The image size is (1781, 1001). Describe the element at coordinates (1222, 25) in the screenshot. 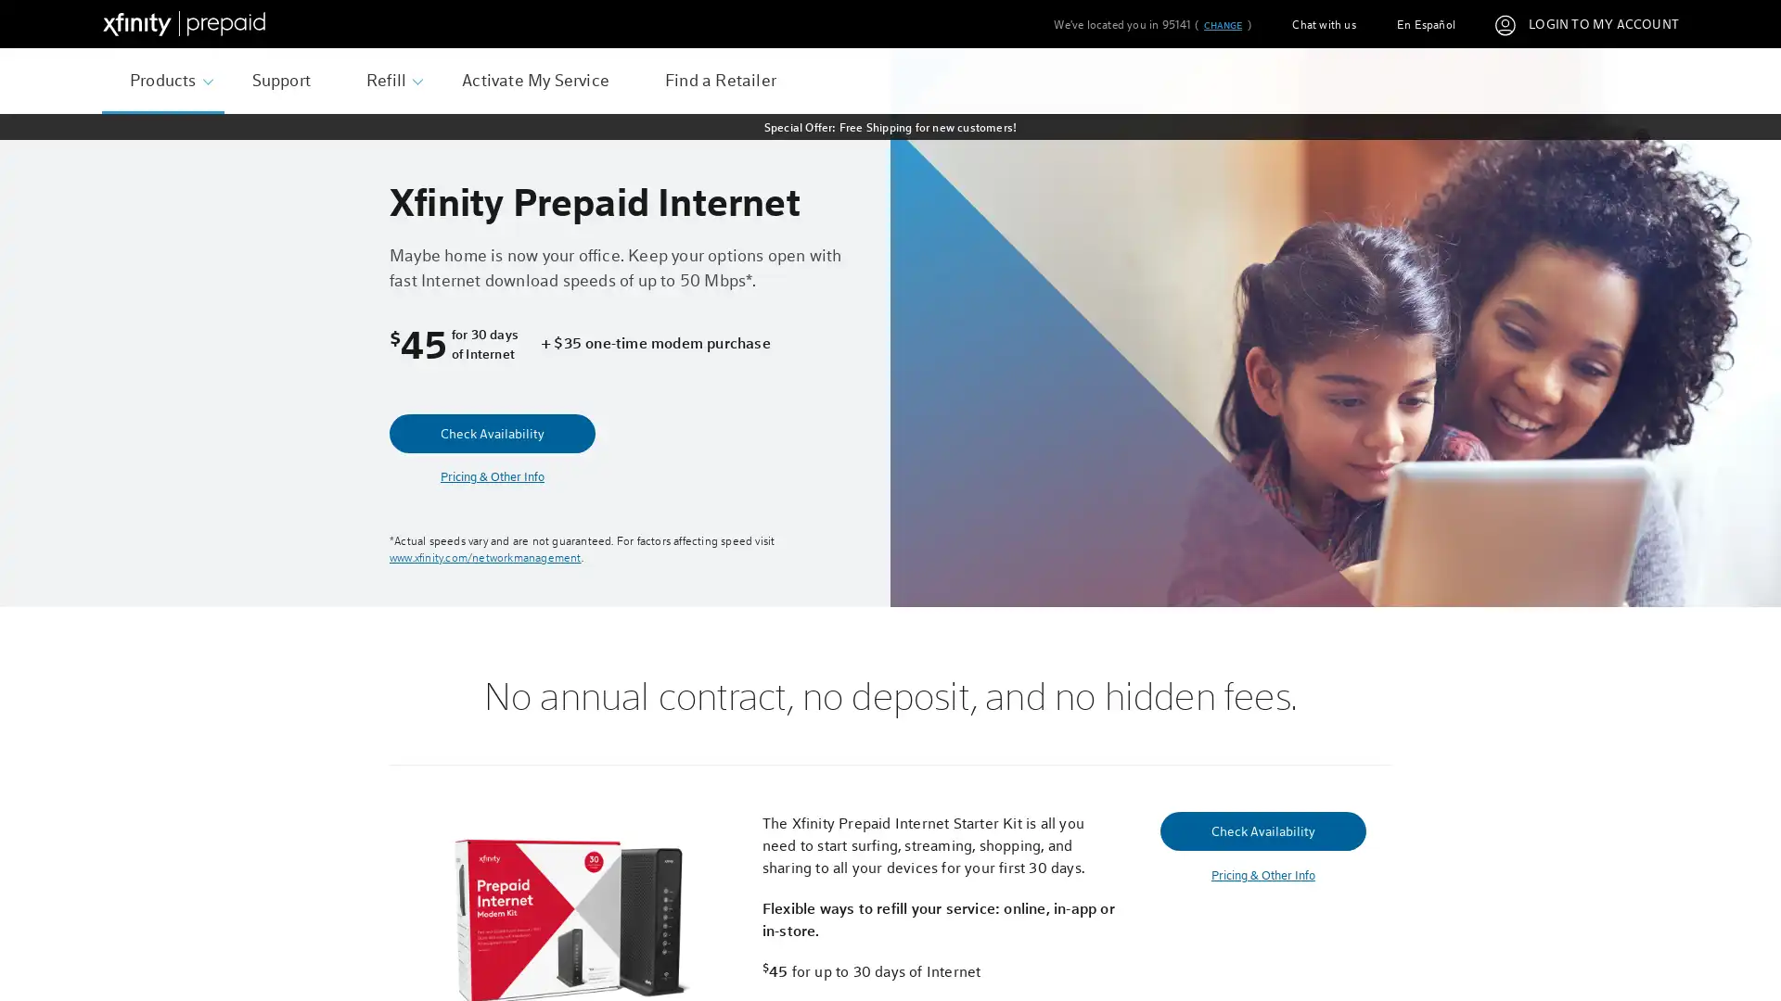

I see `CHANGE` at that location.